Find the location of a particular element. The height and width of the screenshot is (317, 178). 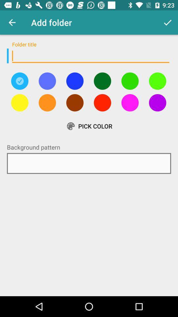

the avatar icon is located at coordinates (130, 103).